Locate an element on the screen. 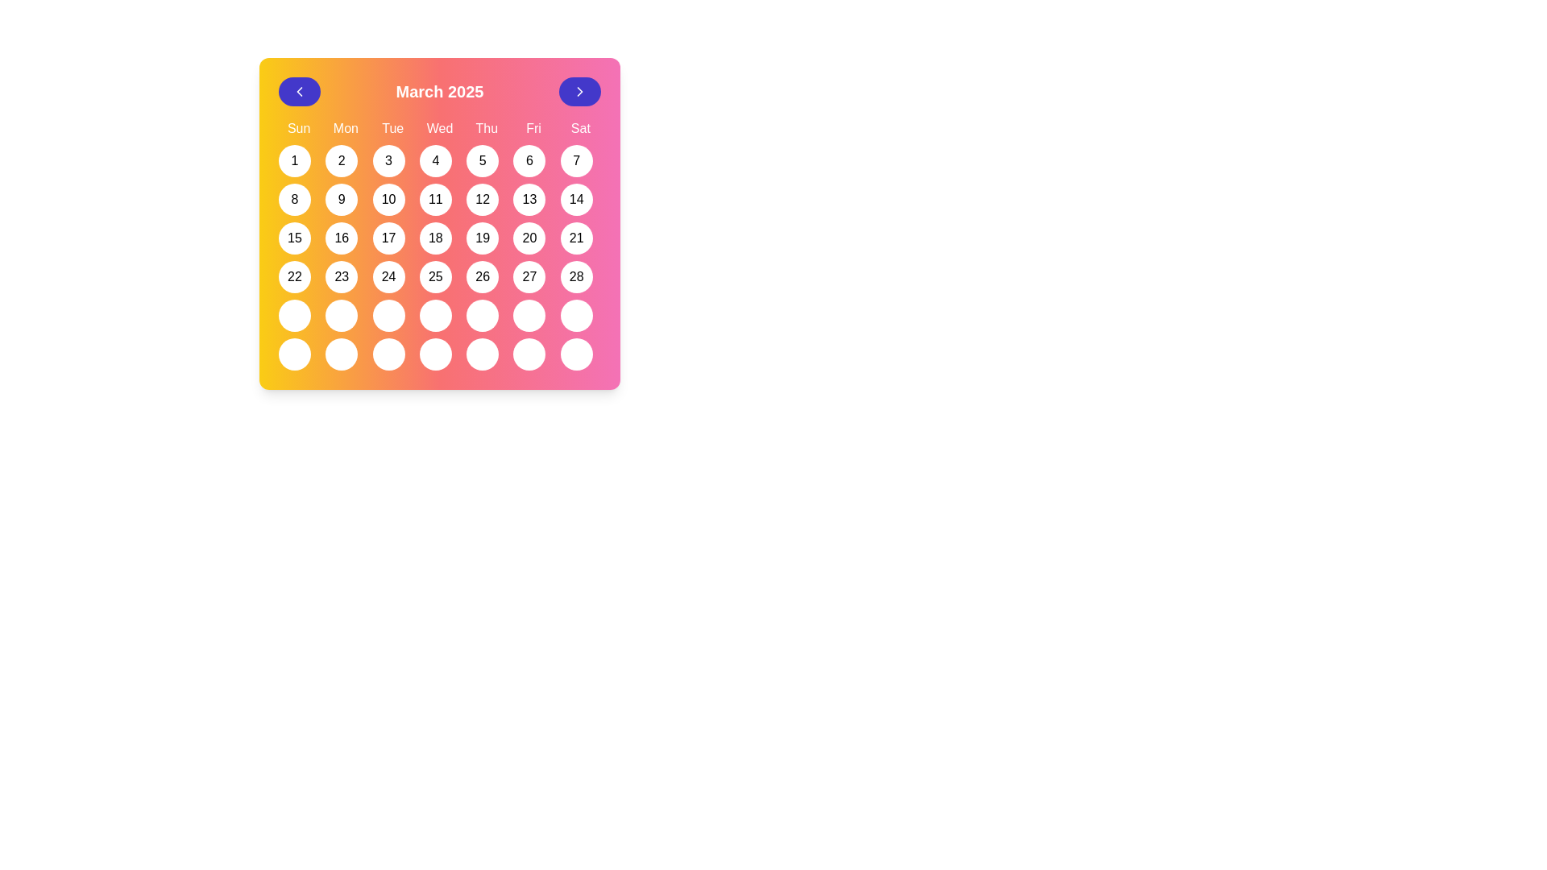 Image resolution: width=1547 pixels, height=870 pixels. the left-facing chevron button with a vibrant indigo background located on the left side of the header section in the calendar interface, adjacent to the 'March 2025' text is located at coordinates (300, 92).